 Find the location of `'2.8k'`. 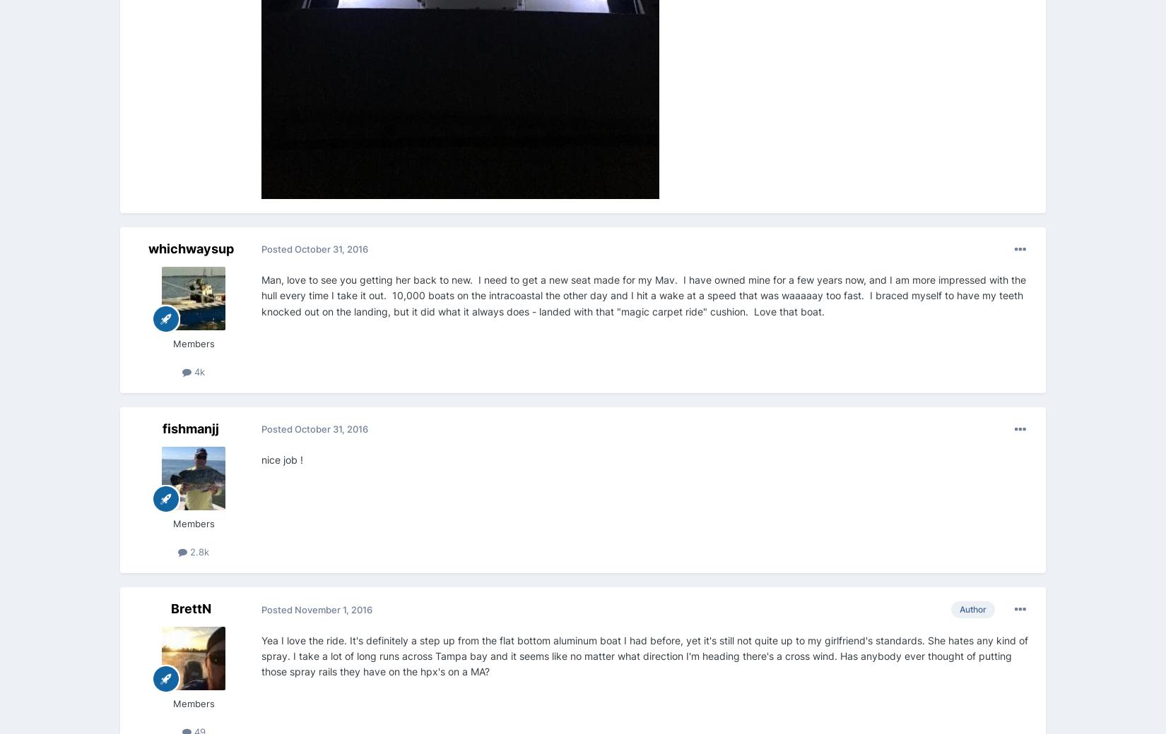

'2.8k' is located at coordinates (198, 550).